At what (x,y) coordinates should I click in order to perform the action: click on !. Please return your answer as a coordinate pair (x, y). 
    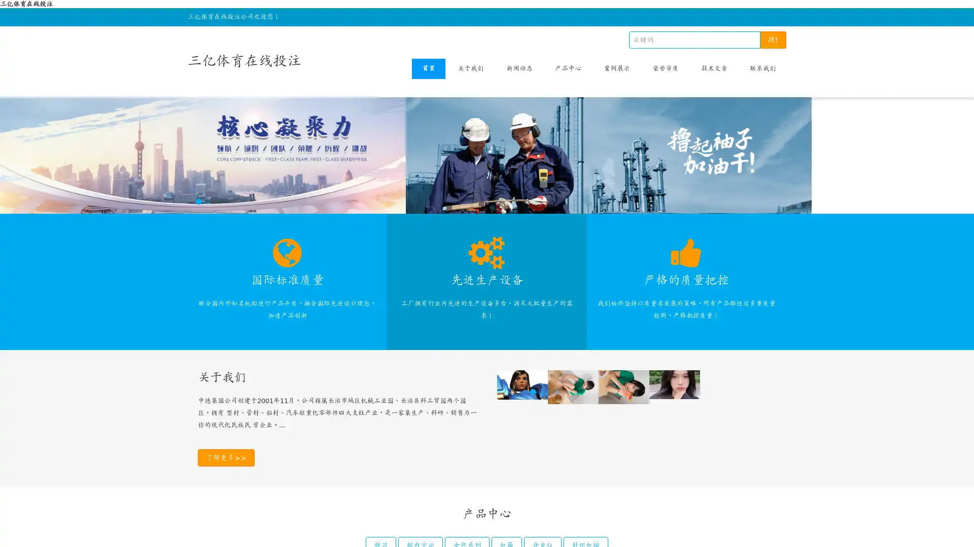
    Looking at the image, I should click on (773, 39).